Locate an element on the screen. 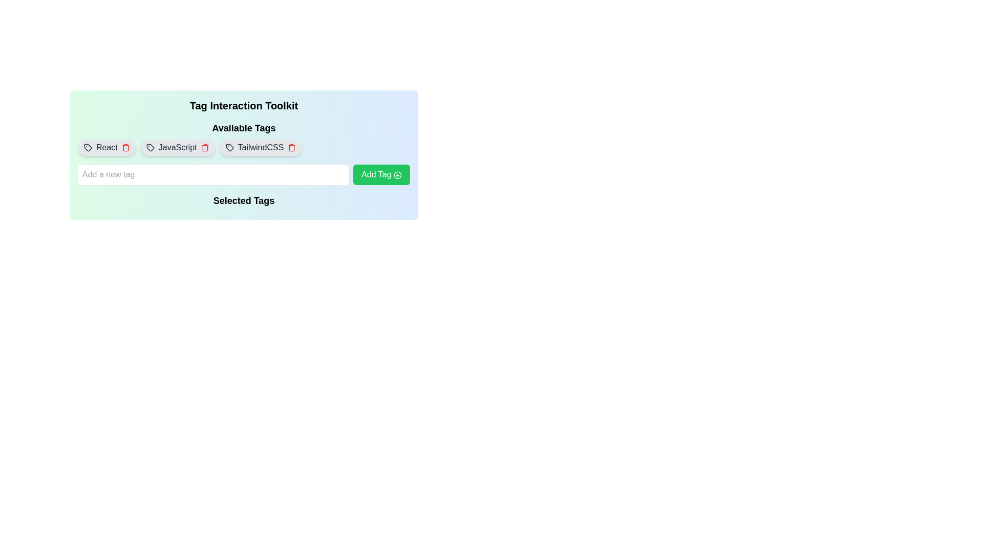 The image size is (983, 552). the trash icon within a tag in the Tag List located below 'Available Tags' is located at coordinates (243, 148).